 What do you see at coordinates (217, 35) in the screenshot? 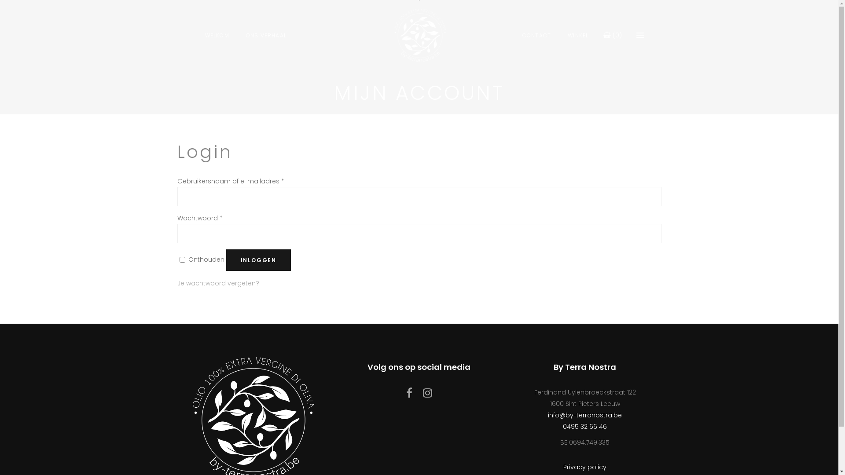
I see `'WELKOM'` at bounding box center [217, 35].